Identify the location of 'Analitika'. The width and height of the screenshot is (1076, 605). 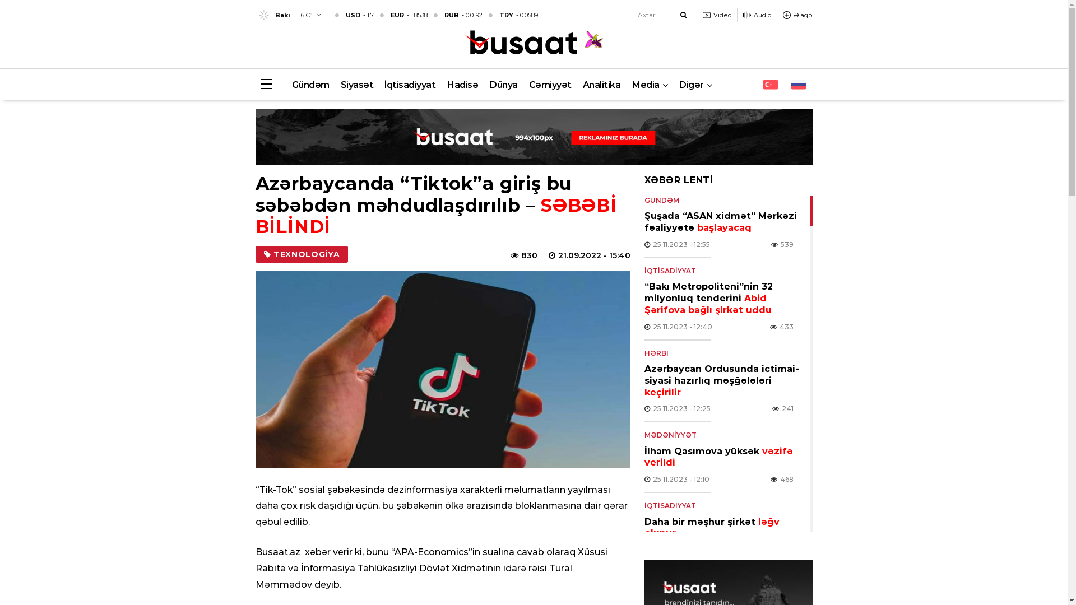
(601, 85).